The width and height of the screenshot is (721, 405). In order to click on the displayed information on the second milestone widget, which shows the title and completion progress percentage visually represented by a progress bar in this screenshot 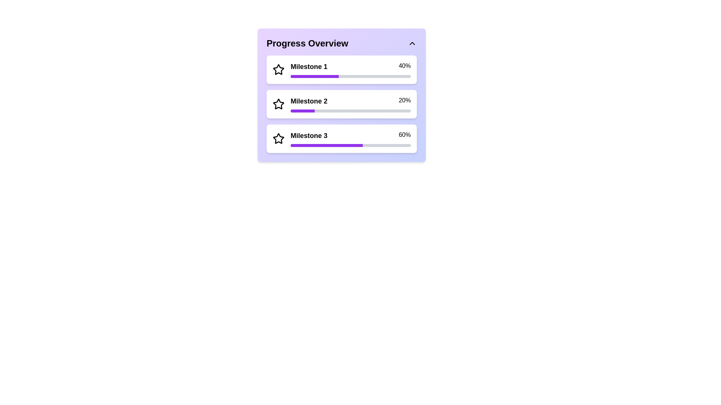, I will do `click(341, 104)`.